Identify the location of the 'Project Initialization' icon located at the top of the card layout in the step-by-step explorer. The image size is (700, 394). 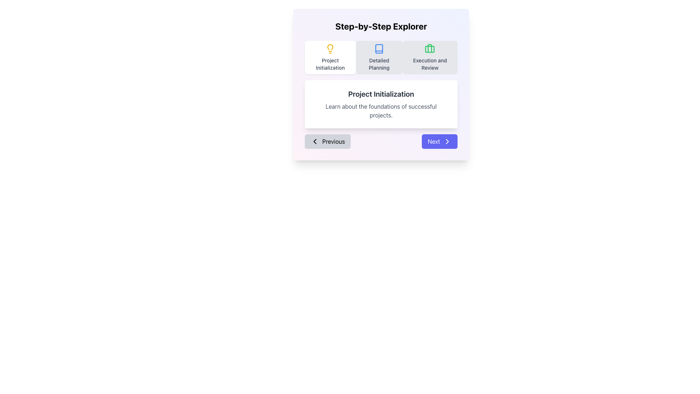
(330, 49).